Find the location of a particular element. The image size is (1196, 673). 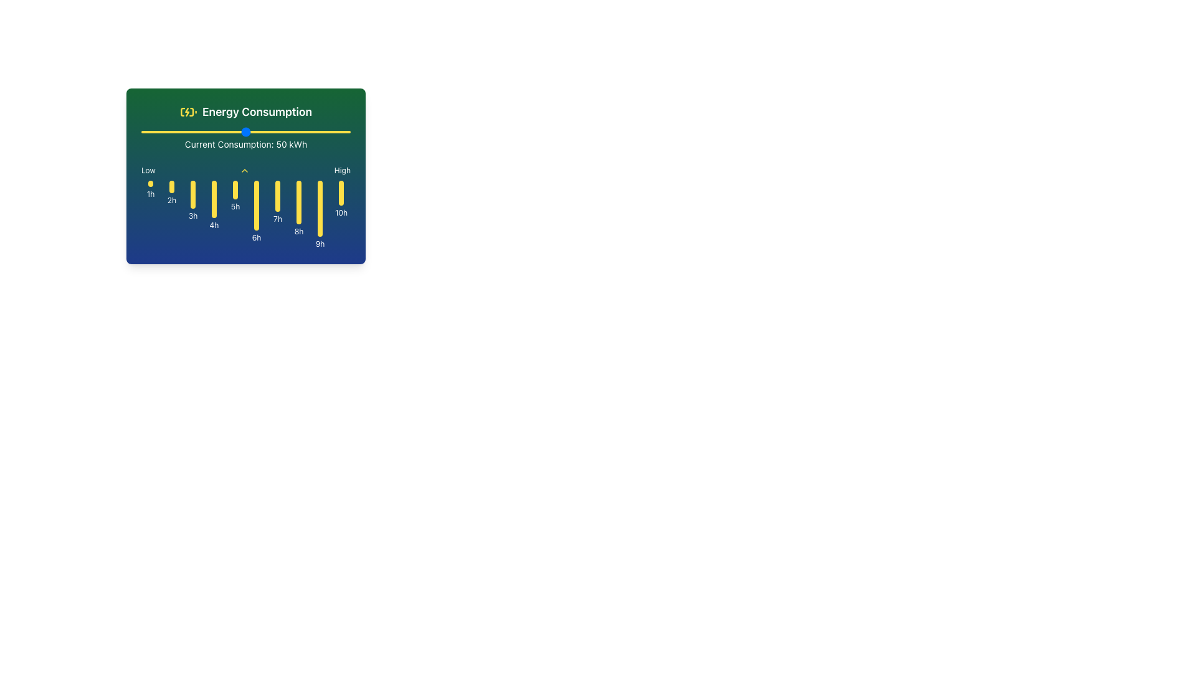

the visualization bar that represents the seventh time interval in the energy consumption data visualization is located at coordinates (277, 196).